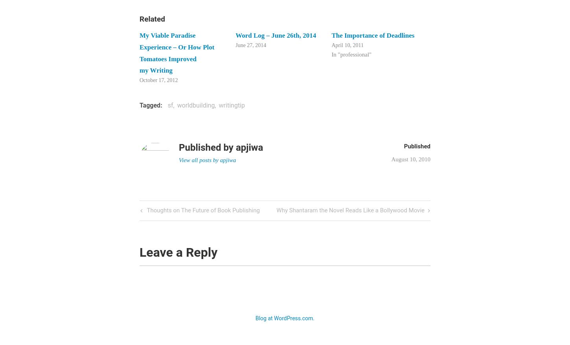  I want to click on 'Tagged', so click(149, 104).